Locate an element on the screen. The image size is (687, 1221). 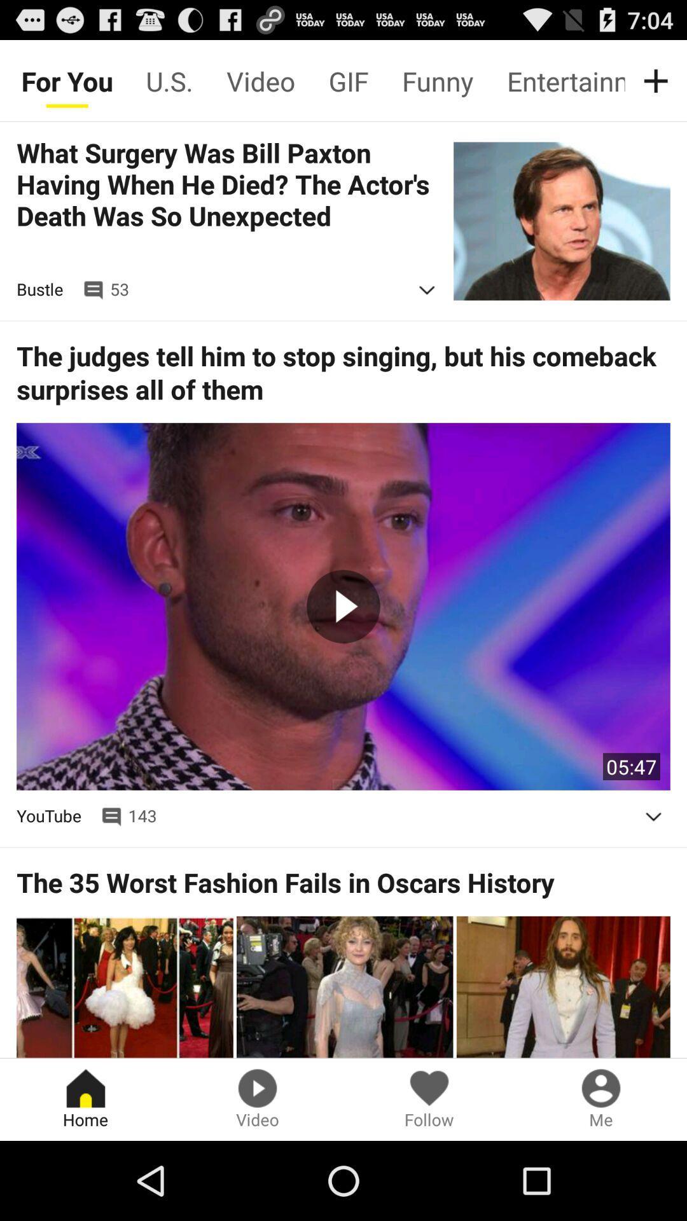
expand article is located at coordinates (427, 289).